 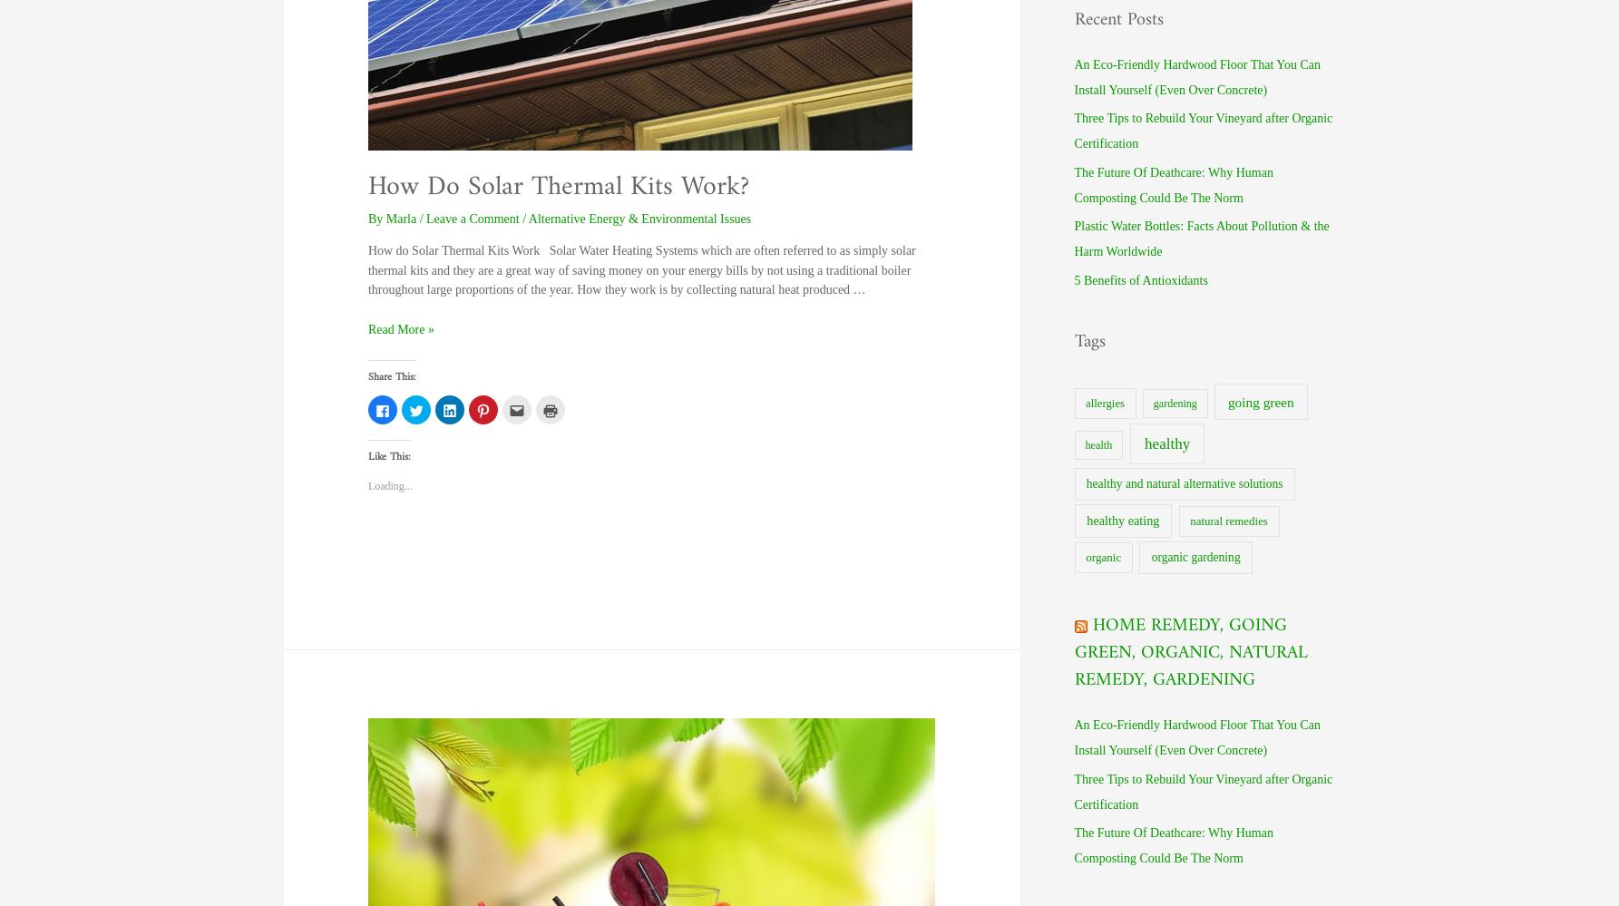 What do you see at coordinates (390, 376) in the screenshot?
I see `'Share this:'` at bounding box center [390, 376].